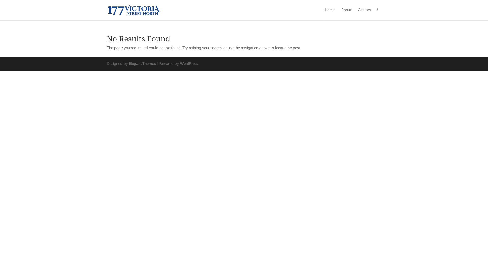 This screenshot has height=274, width=488. Describe the element at coordinates (346, 13) in the screenshot. I see `'About'` at that location.